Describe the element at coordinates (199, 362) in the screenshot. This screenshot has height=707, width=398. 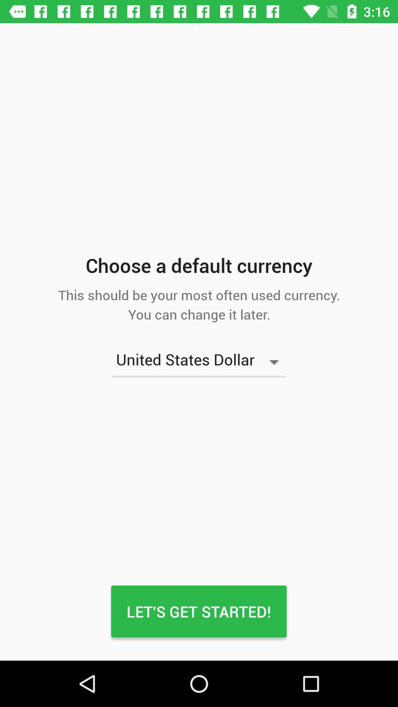
I see `united states dollar` at that location.